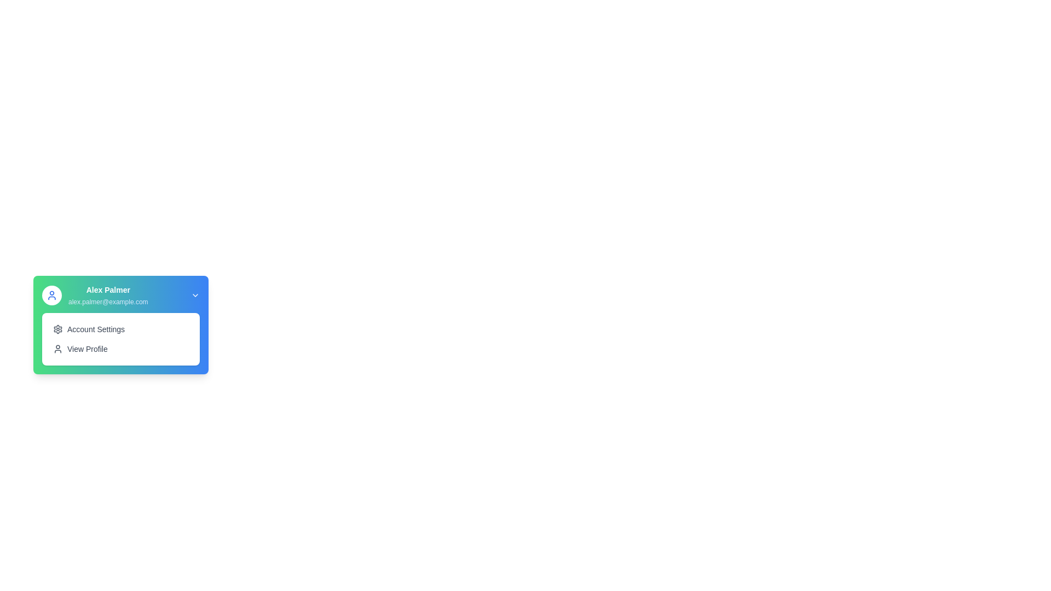 The image size is (1051, 591). I want to click on the email text label displaying 'alex.palmer@example.com' located below the name 'Alex Palmer' in the profile card, so click(108, 302).